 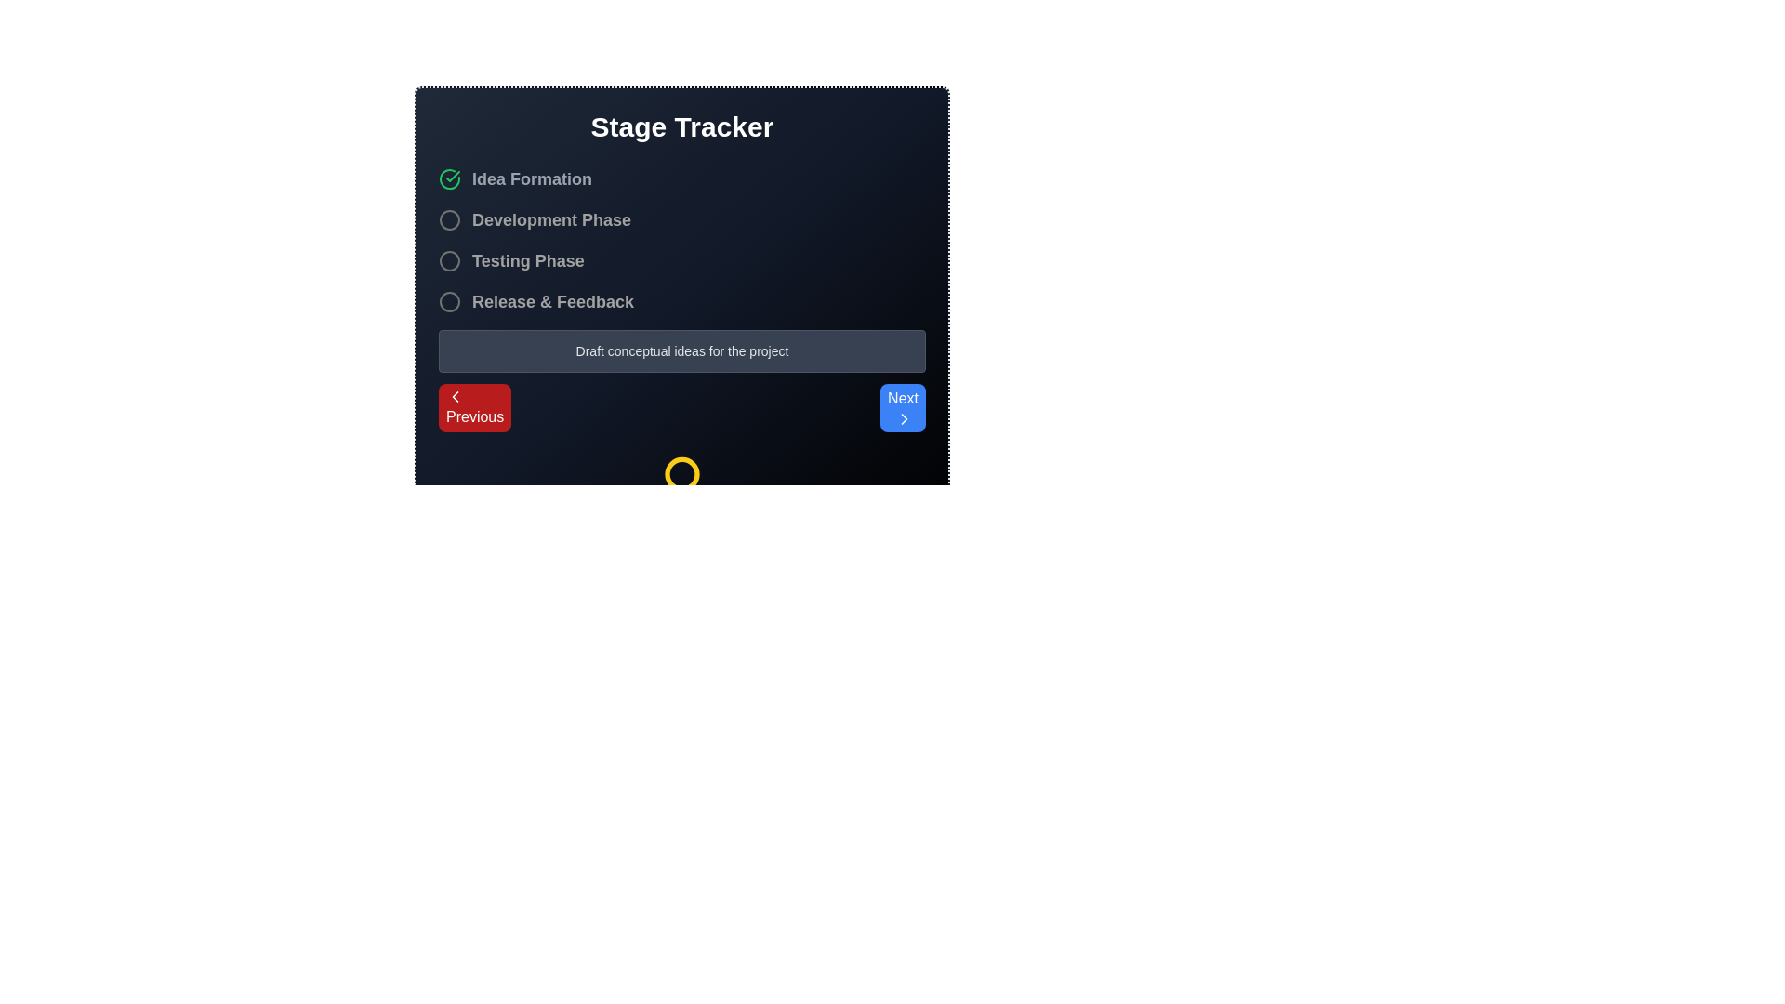 What do you see at coordinates (681, 472) in the screenshot?
I see `the SVG circle element located at the bottom-center of the dialog box, which serves as a graphical indicator of status or stage` at bounding box center [681, 472].